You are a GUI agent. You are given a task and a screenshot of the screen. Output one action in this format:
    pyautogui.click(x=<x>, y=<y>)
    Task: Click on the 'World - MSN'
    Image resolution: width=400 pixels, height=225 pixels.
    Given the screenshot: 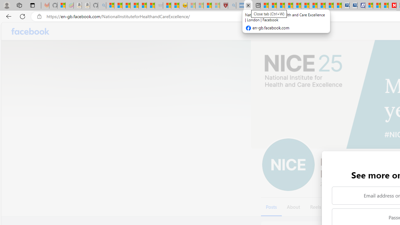 What is the action you would take?
    pyautogui.click(x=280, y=5)
    